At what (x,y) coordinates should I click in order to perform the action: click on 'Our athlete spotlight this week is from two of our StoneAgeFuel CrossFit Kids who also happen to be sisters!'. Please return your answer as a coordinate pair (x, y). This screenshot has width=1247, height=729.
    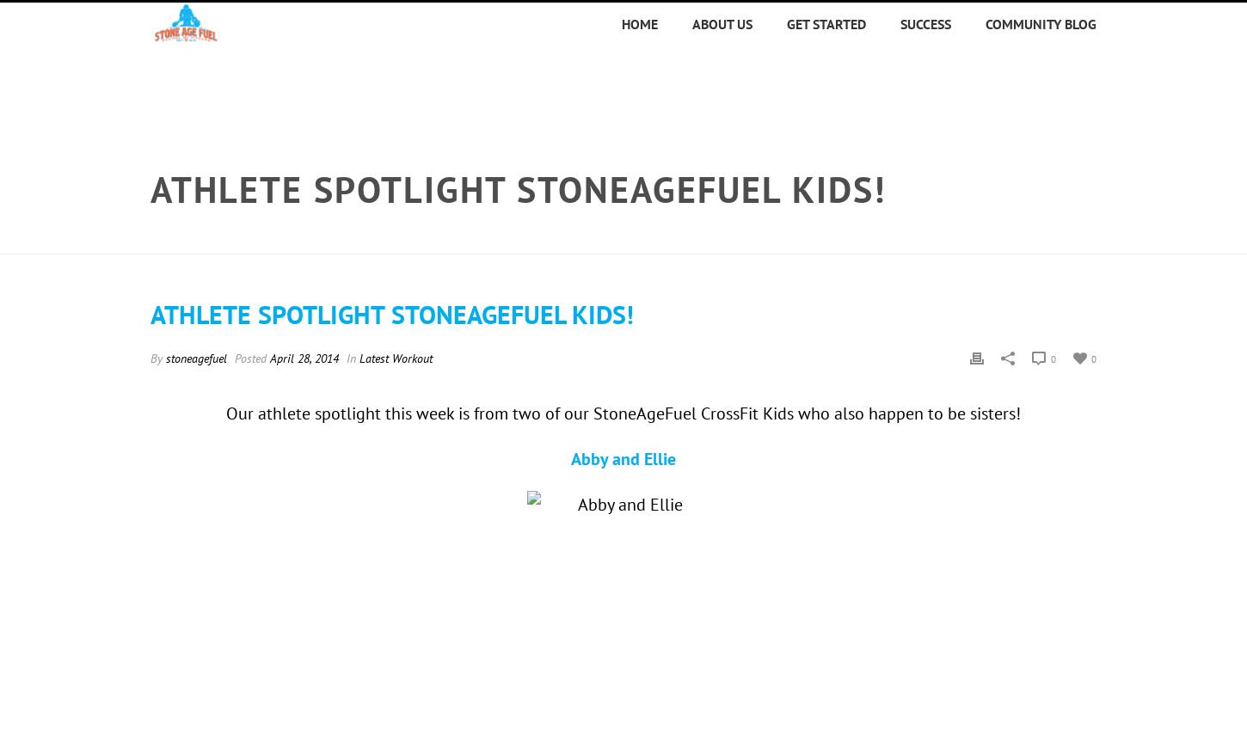
    Looking at the image, I should click on (623, 412).